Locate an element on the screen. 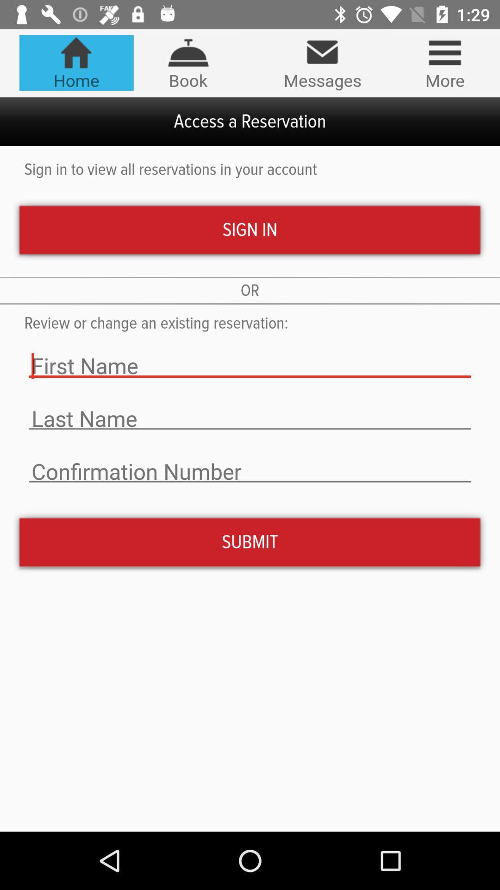 Image resolution: width=500 pixels, height=890 pixels. item above access a reservation icon is located at coordinates (187, 62).